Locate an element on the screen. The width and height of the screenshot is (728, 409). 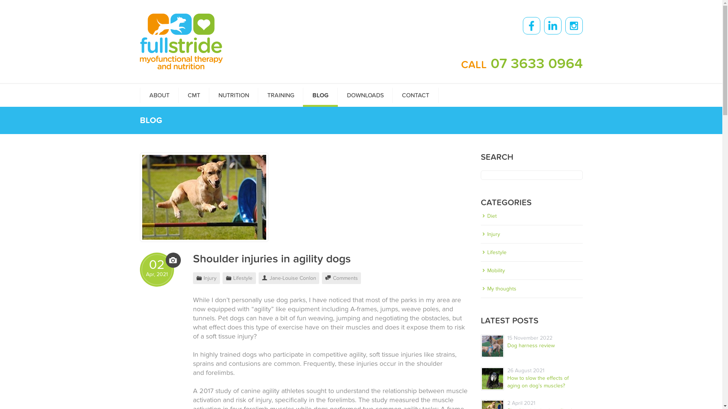
'Mobility' is located at coordinates (480, 270).